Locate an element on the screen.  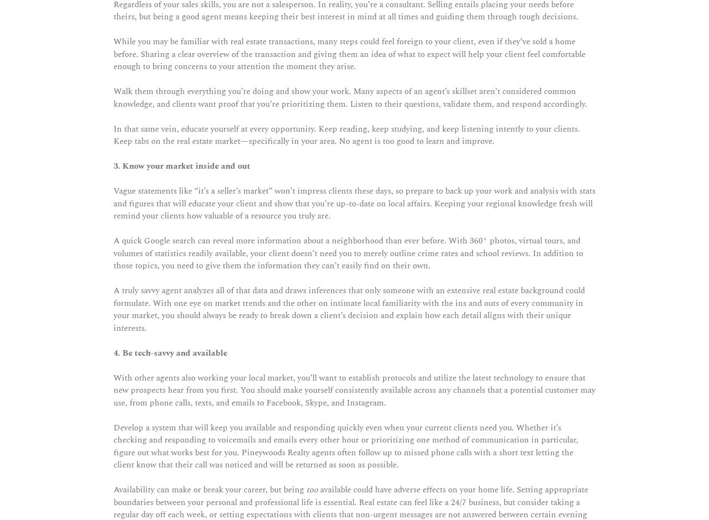
'With other agents also working your local market, you’ll want to establish protocols and utilize the latest technology to ensure that new prospects hear from you first. You should make yourself consistently available across any channels that a potential customer may use, from phone calls, texts, and emails to Facebook, Skype, and Instagram.' is located at coordinates (354, 390).